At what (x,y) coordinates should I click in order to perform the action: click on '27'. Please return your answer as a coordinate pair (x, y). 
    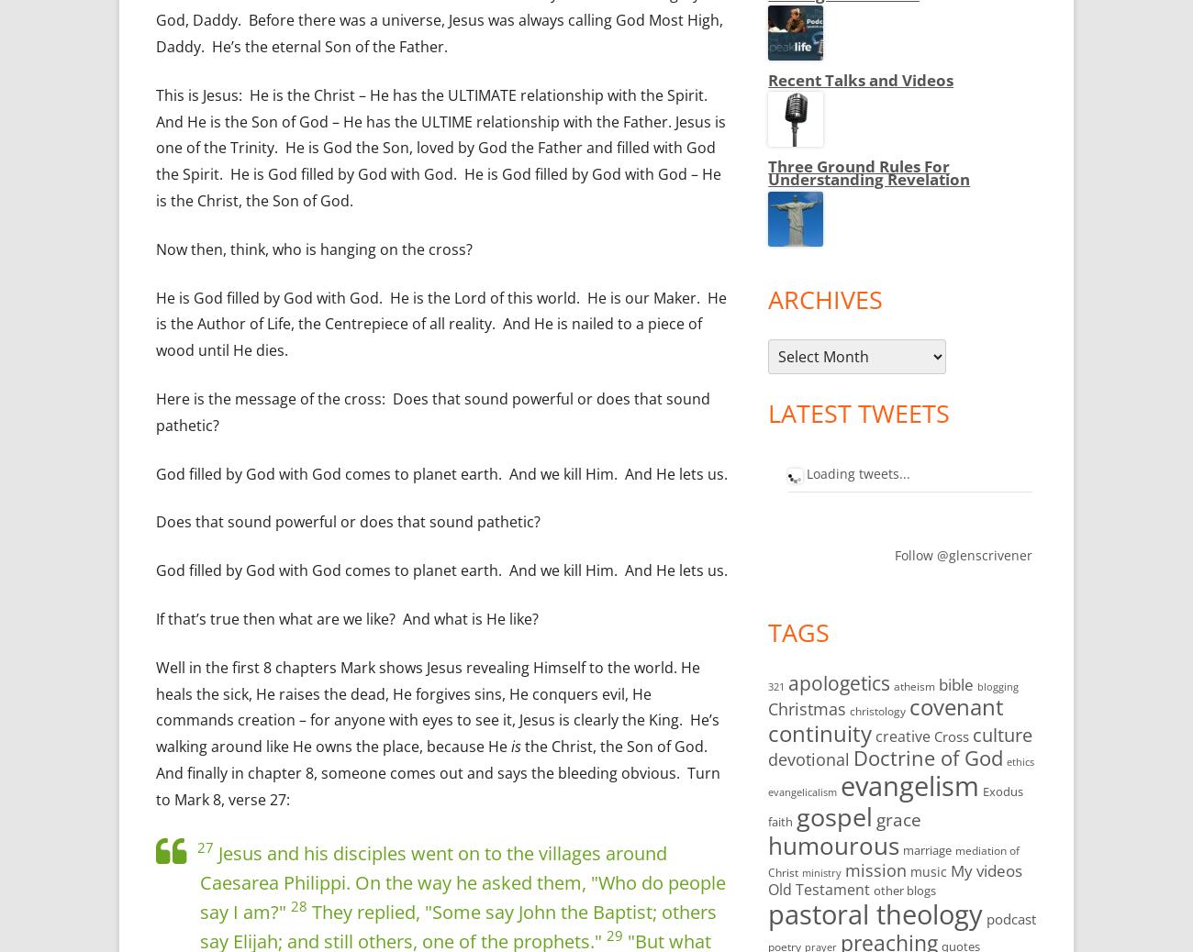
    Looking at the image, I should click on (204, 847).